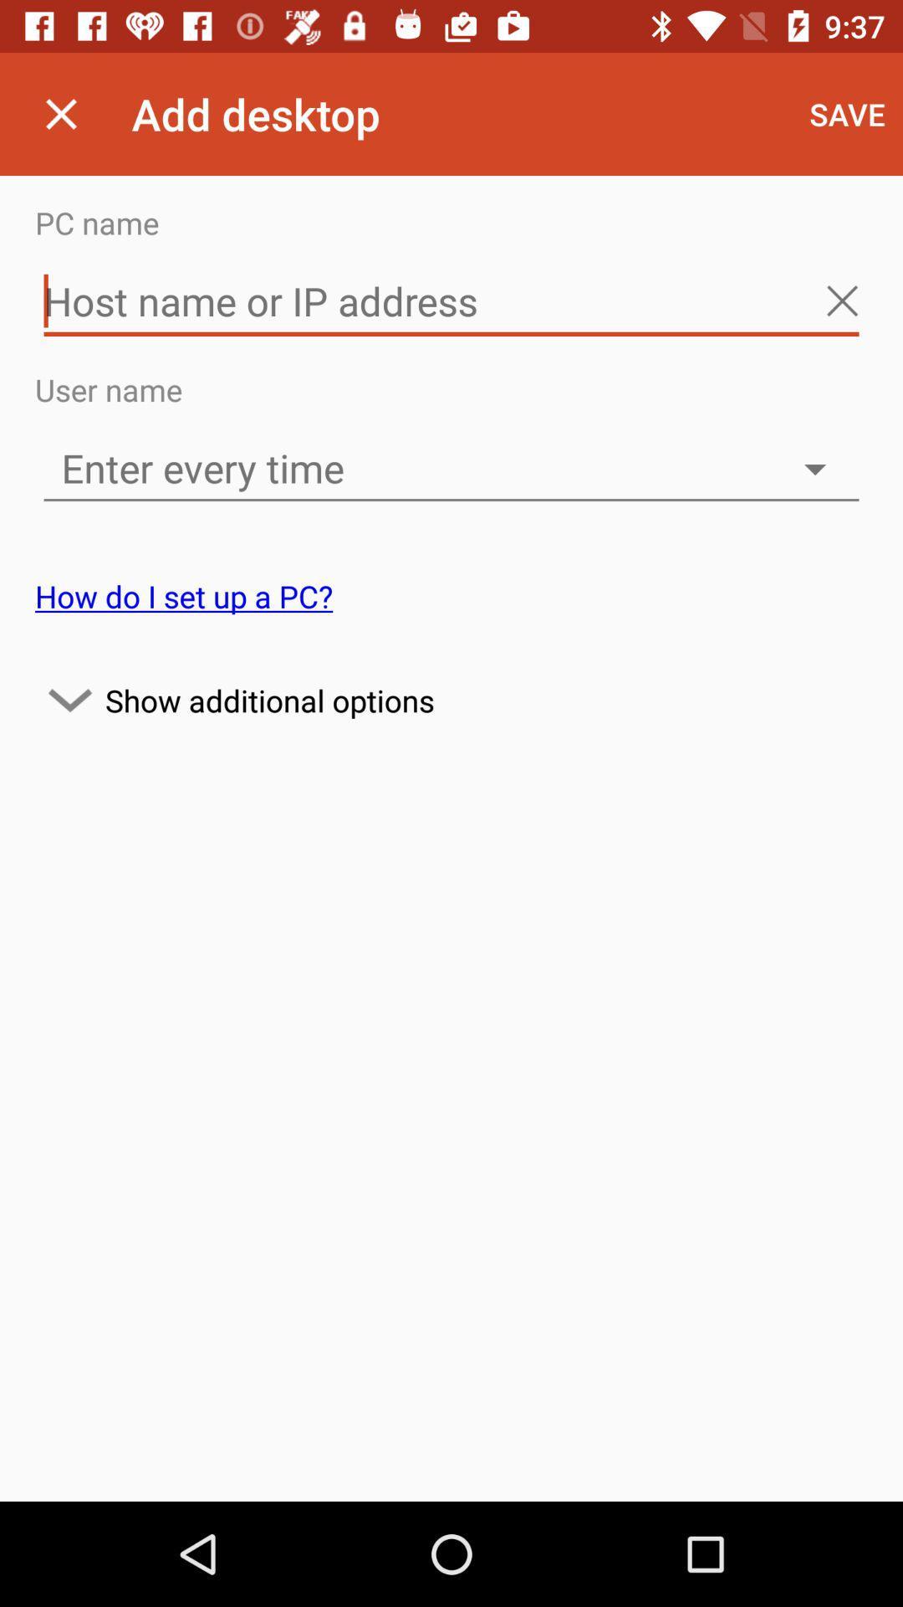 The width and height of the screenshot is (903, 1607). What do you see at coordinates (451, 700) in the screenshot?
I see `the show additional options item` at bounding box center [451, 700].